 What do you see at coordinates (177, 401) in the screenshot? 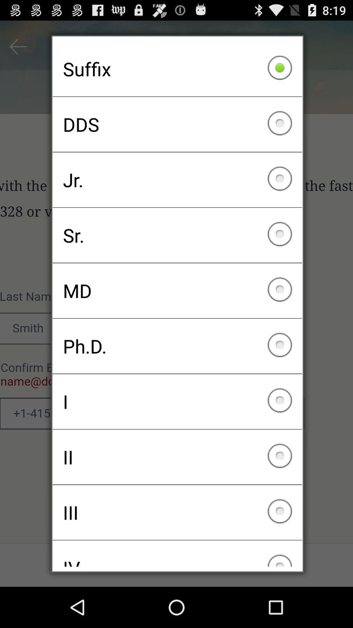
I see `the checkbox above the ii icon` at bounding box center [177, 401].